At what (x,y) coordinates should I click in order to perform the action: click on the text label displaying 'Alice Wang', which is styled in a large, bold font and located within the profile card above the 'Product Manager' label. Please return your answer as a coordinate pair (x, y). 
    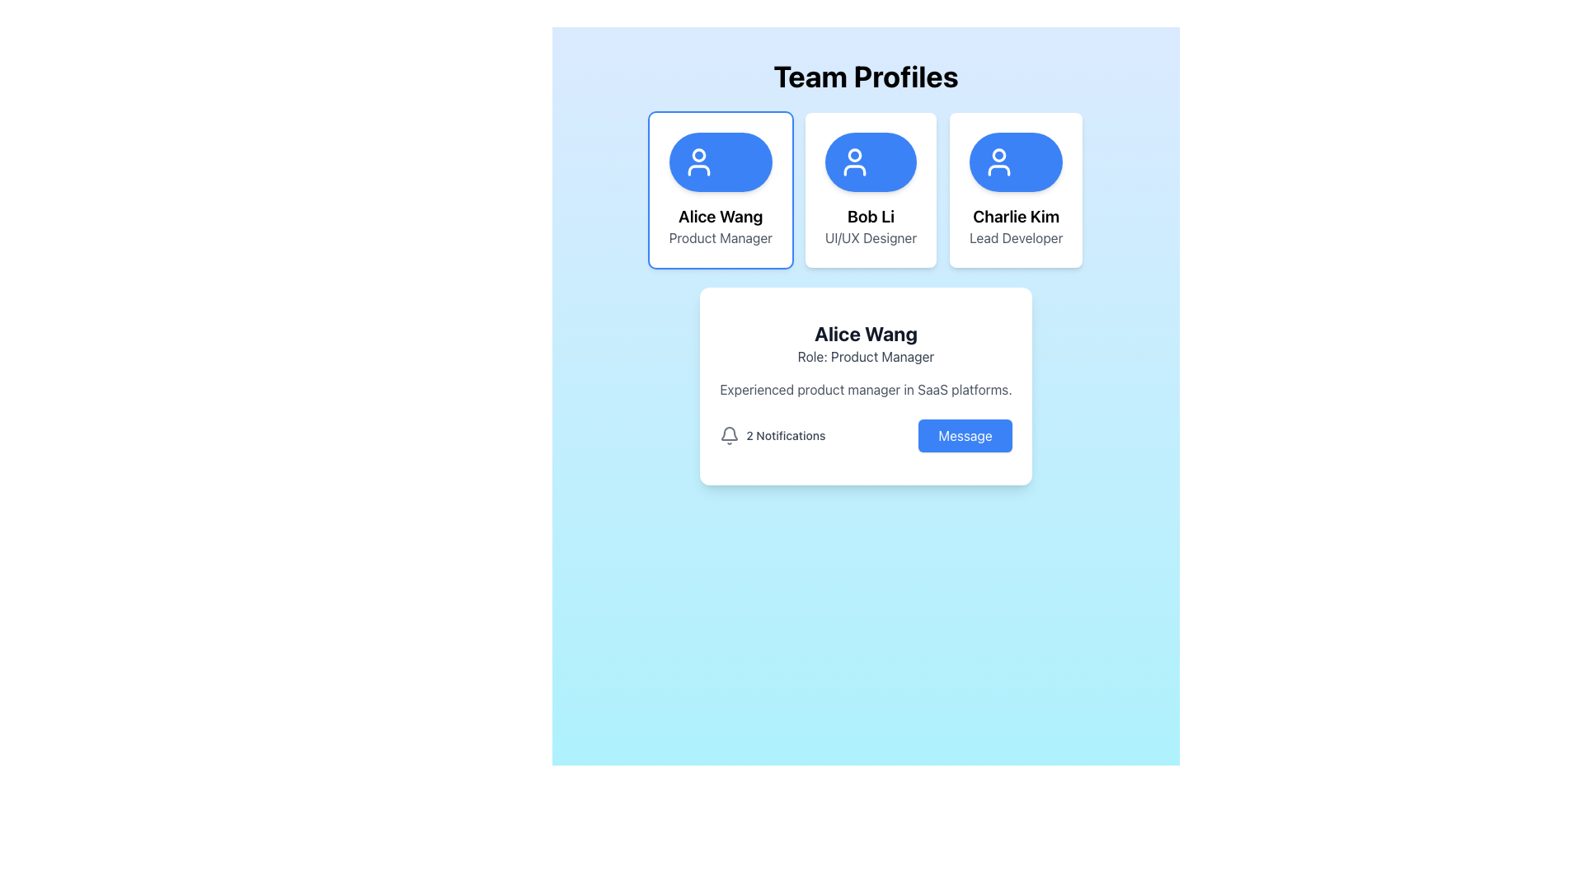
    Looking at the image, I should click on (721, 215).